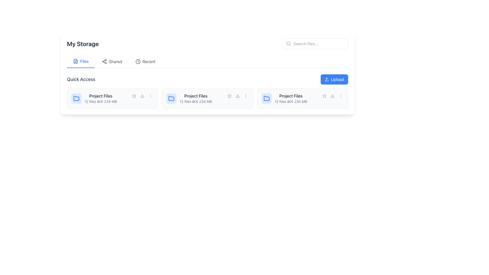  I want to click on the text label that serves as the title for the group of files in the first card of the 'Quick Access' section for navigation, so click(101, 96).